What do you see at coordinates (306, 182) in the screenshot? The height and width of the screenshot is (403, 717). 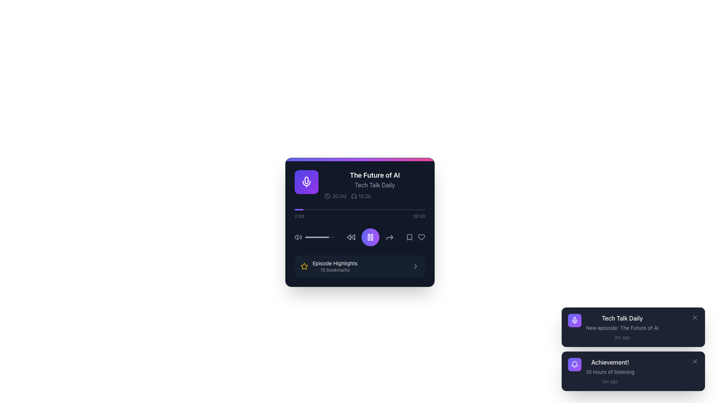 I see `the square button with a gradient background transitioning from indigo to purple, which features a white microphone icon centered within, located to the left of the title 'The Future of AI' and subtitle 'Tech Talk Daily.'` at bounding box center [306, 182].